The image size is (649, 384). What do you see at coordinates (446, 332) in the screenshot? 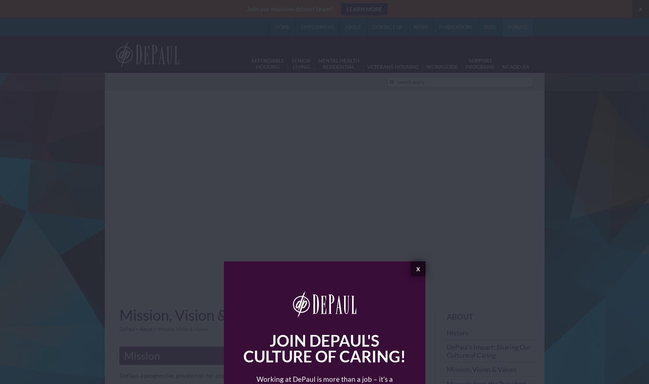
I see `'History'` at bounding box center [446, 332].